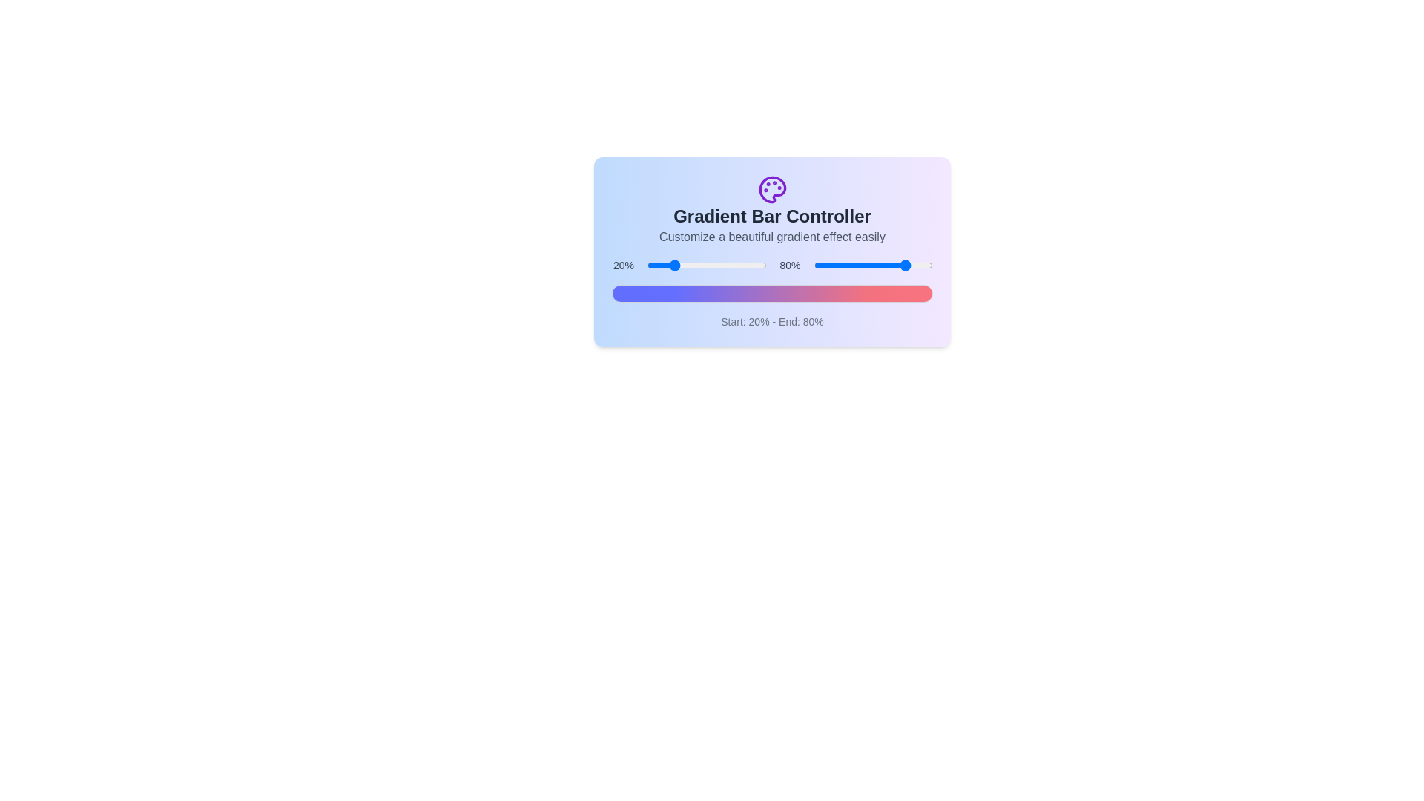 This screenshot has height=801, width=1424. What do you see at coordinates (771, 217) in the screenshot?
I see `the text 'Gradient Bar Controller' to select it` at bounding box center [771, 217].